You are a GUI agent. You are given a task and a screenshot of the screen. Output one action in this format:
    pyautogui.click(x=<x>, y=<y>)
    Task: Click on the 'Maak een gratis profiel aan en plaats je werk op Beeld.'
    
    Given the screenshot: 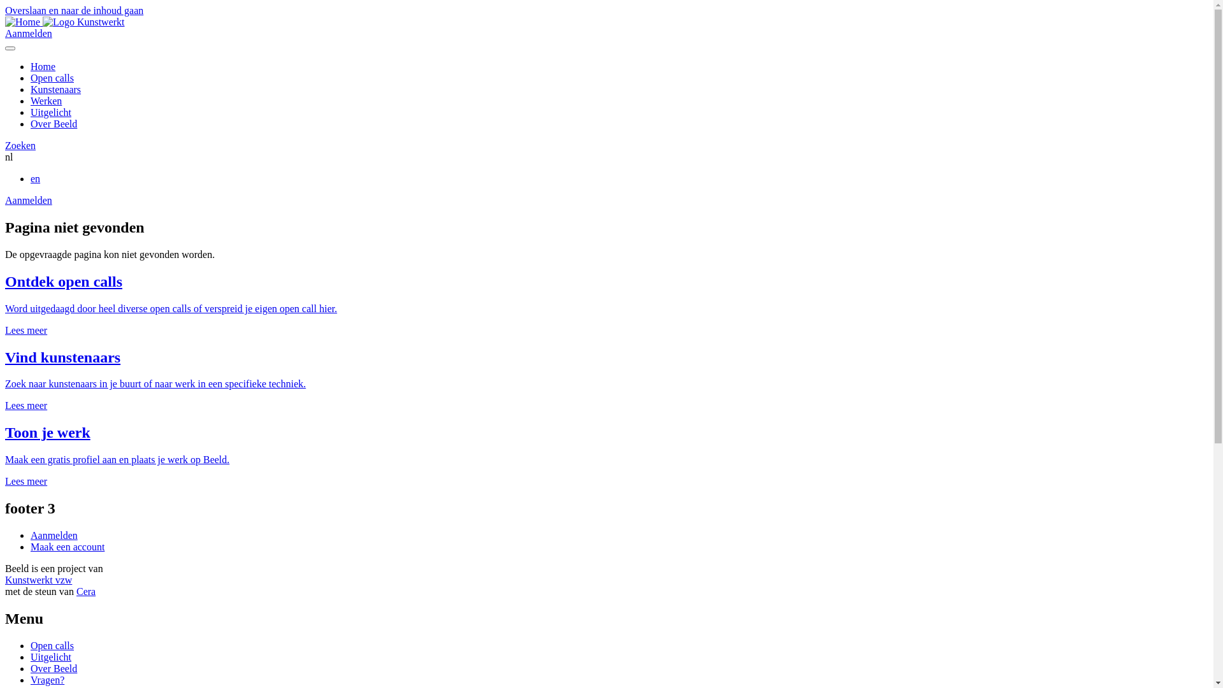 What is the action you would take?
    pyautogui.click(x=117, y=459)
    